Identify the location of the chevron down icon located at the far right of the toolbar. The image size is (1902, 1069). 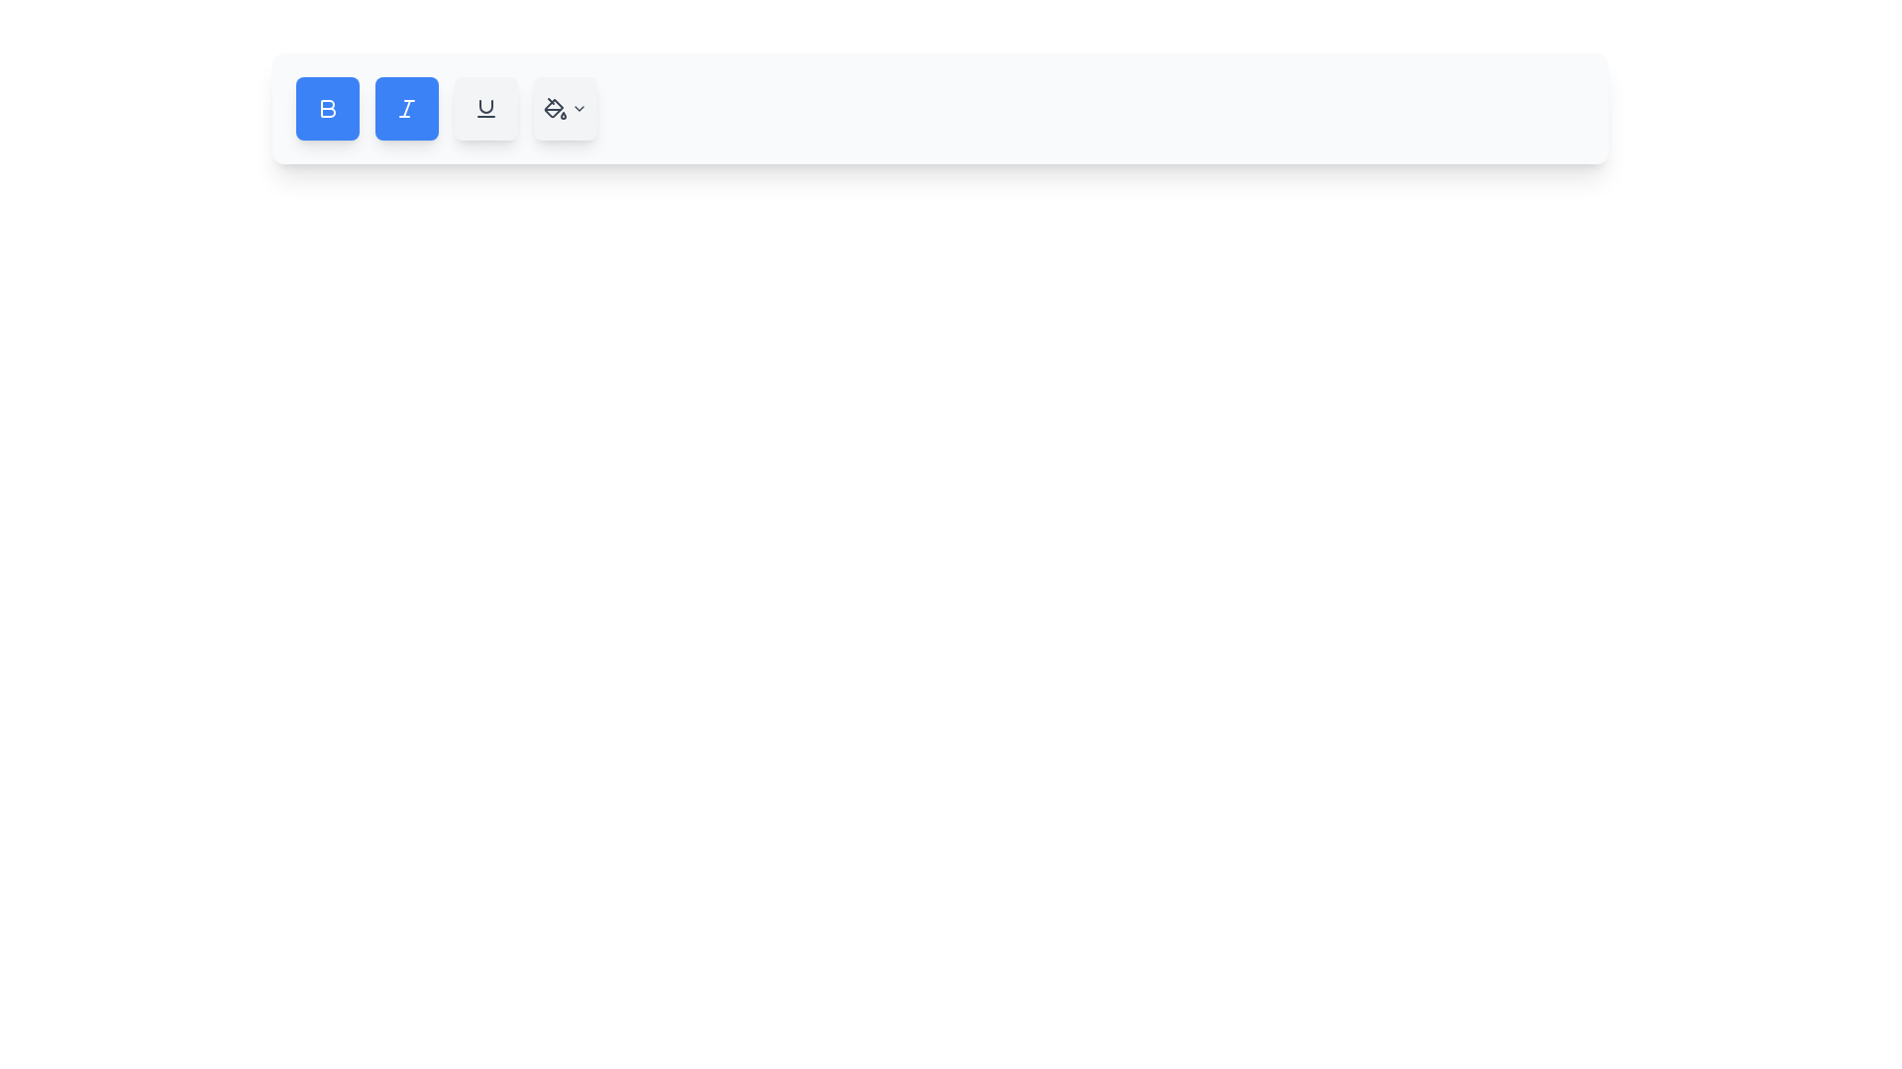
(579, 109).